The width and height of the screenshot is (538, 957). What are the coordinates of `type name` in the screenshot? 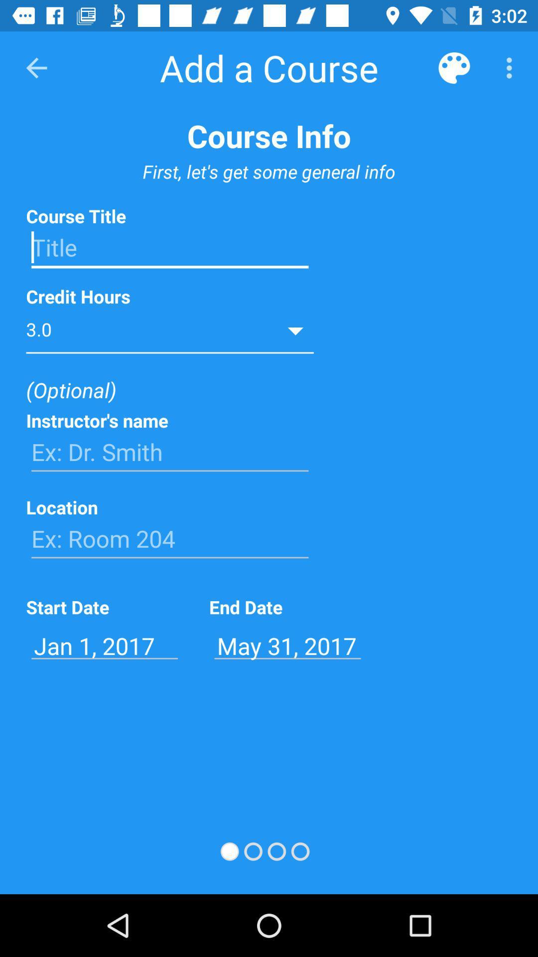 It's located at (169, 452).